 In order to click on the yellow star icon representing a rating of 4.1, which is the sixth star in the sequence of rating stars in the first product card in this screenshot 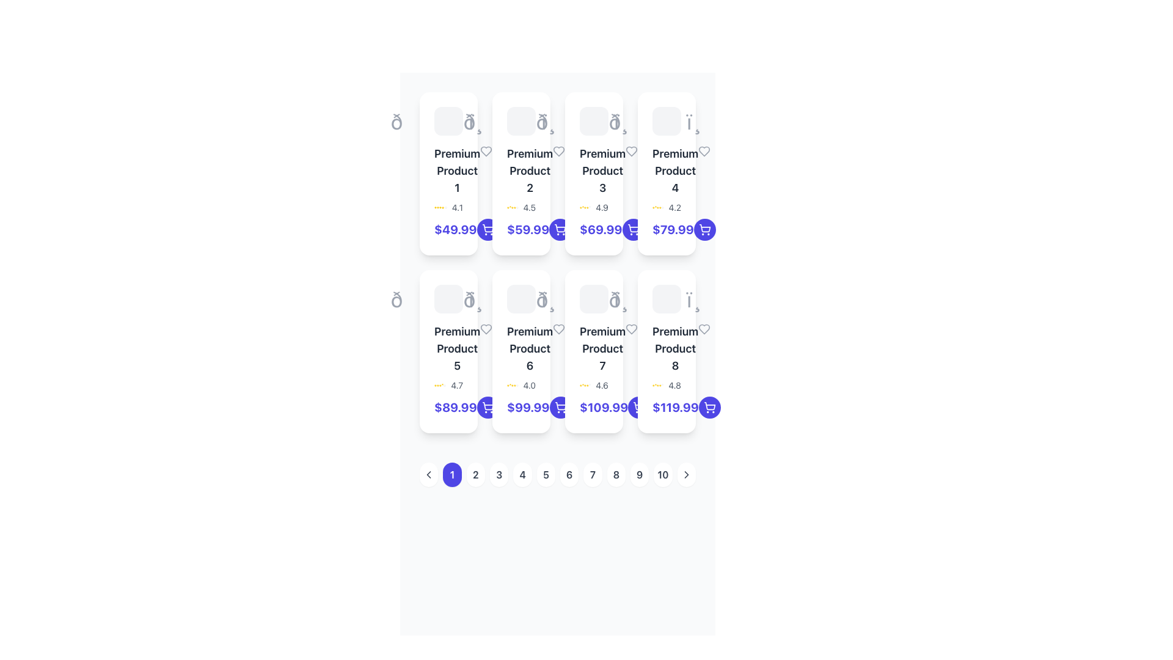, I will do `click(442, 207)`.